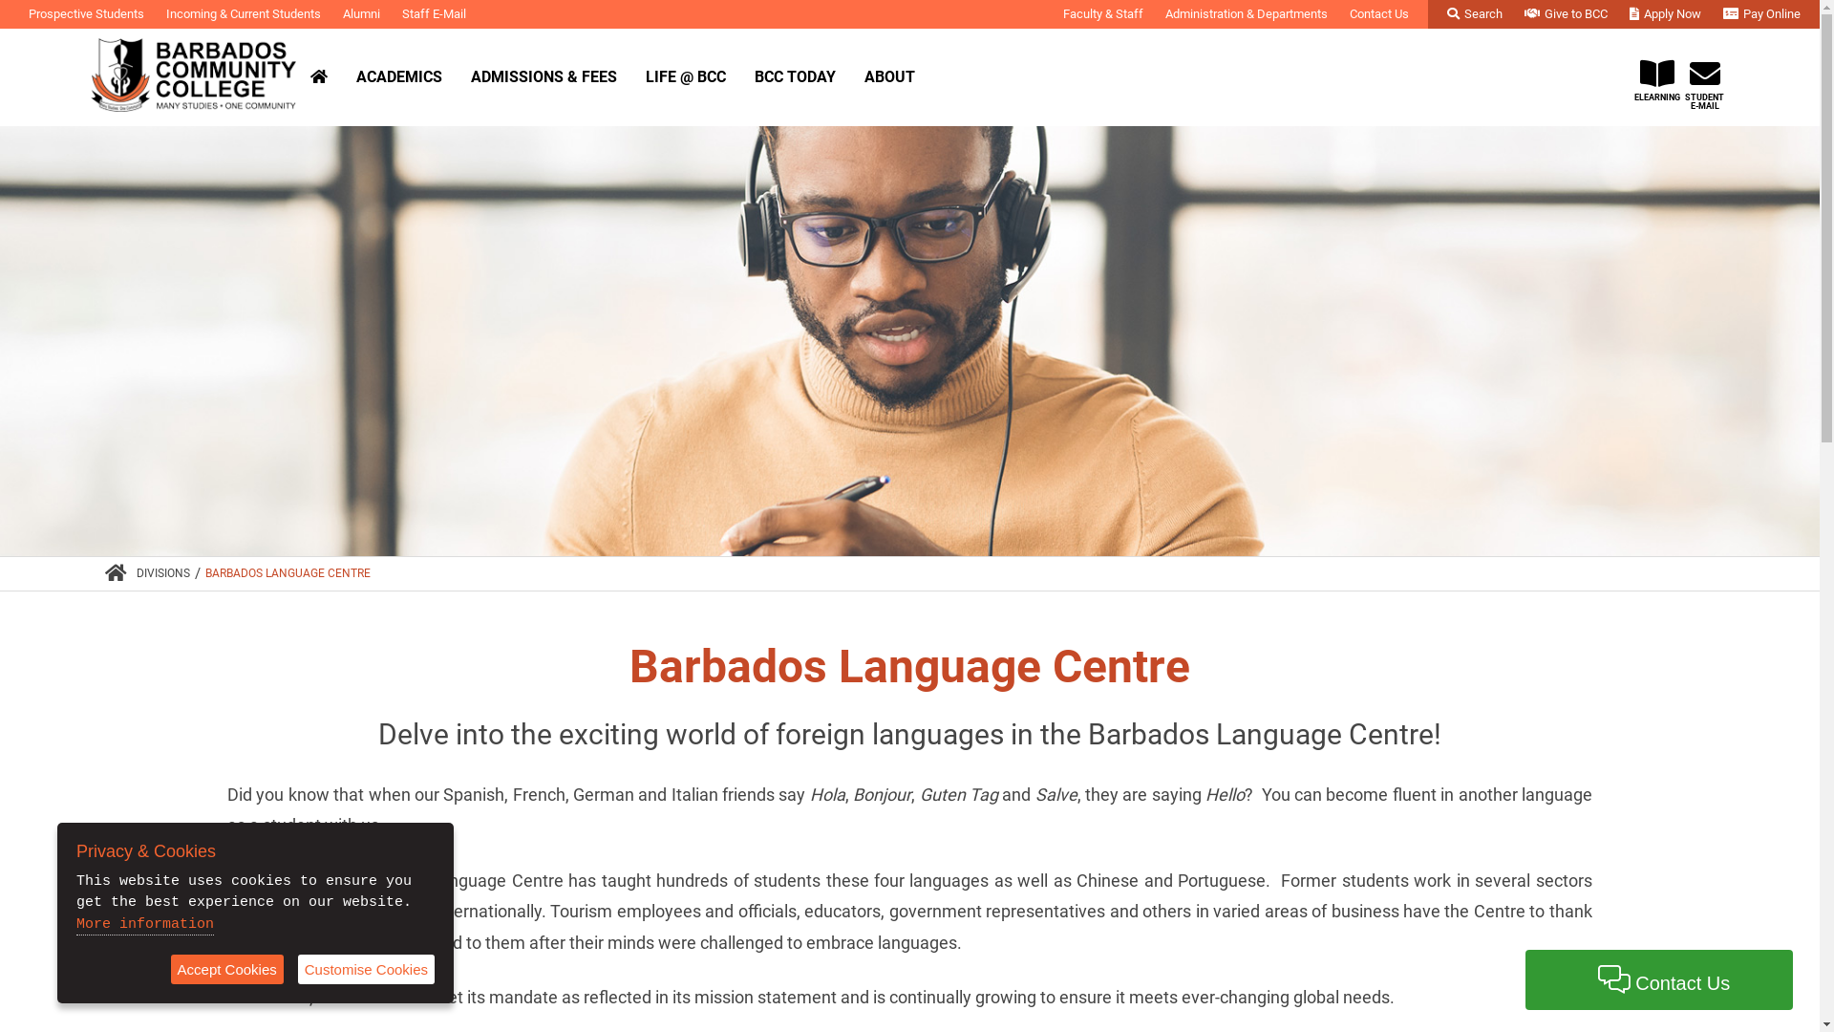 The width and height of the screenshot is (1834, 1032). Describe the element at coordinates (1655, 69) in the screenshot. I see `'ELEARNING'` at that location.